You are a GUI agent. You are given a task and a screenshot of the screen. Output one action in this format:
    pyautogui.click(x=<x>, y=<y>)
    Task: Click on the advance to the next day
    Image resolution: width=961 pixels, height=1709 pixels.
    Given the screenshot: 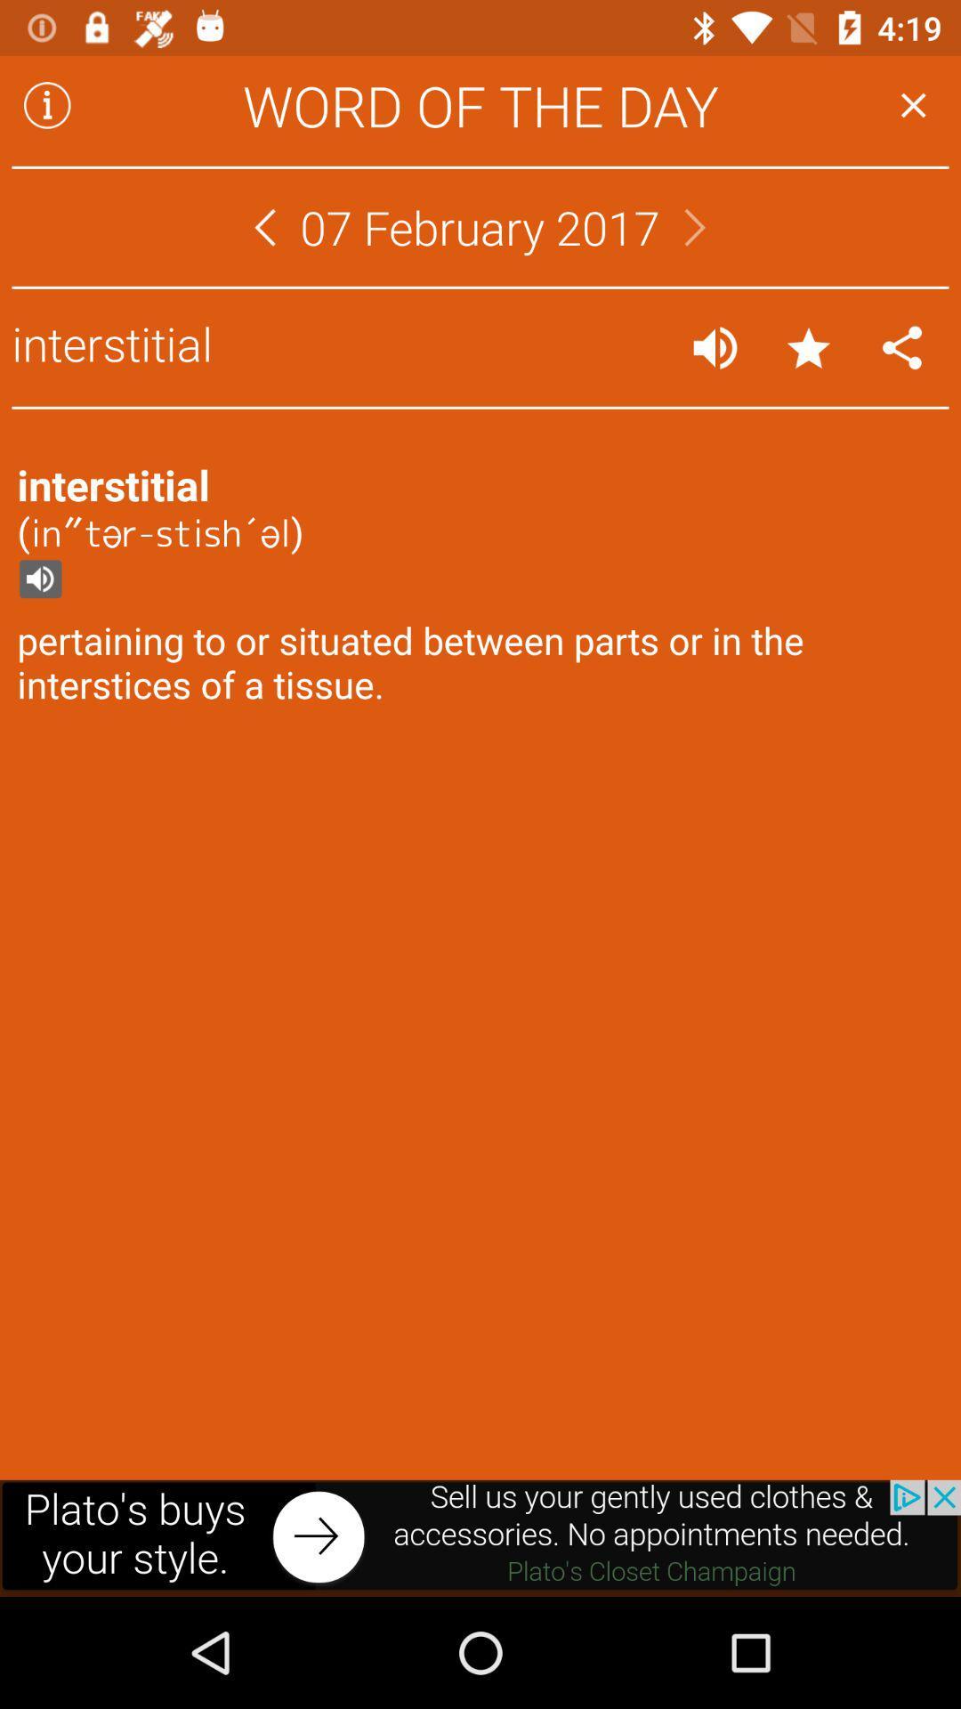 What is the action you would take?
    pyautogui.click(x=694, y=226)
    